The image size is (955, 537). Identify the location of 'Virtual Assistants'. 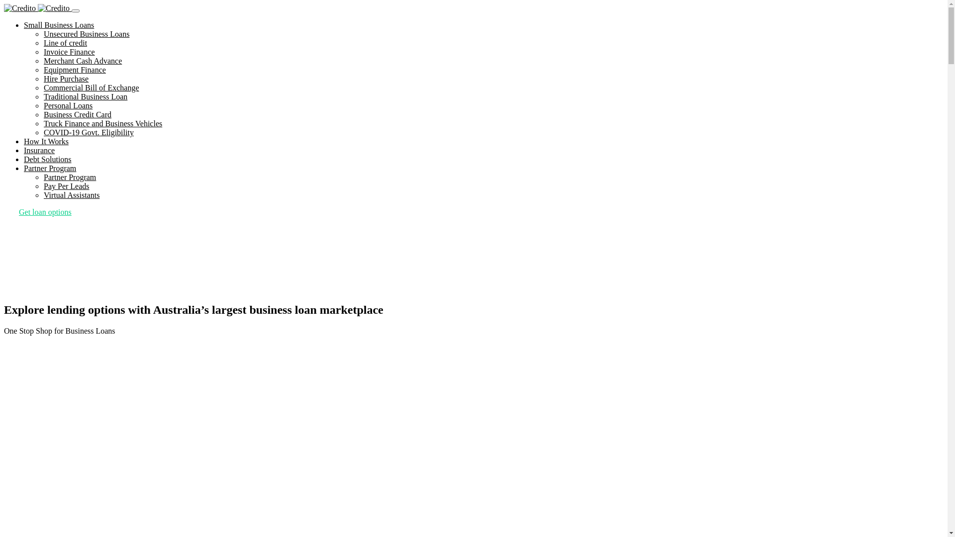
(71, 195).